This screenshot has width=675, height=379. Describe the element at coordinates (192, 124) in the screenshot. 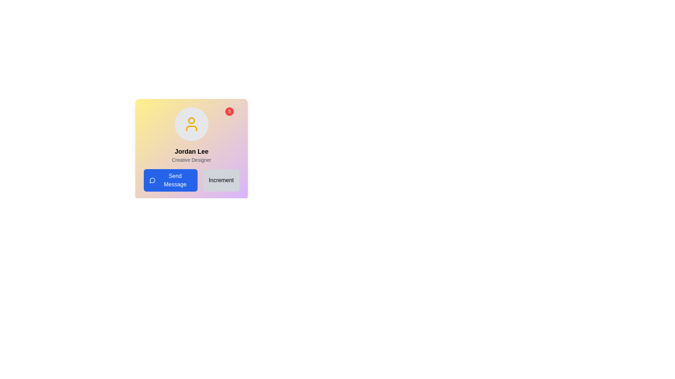

I see `the profile picture placeholder with a notification badge` at that location.